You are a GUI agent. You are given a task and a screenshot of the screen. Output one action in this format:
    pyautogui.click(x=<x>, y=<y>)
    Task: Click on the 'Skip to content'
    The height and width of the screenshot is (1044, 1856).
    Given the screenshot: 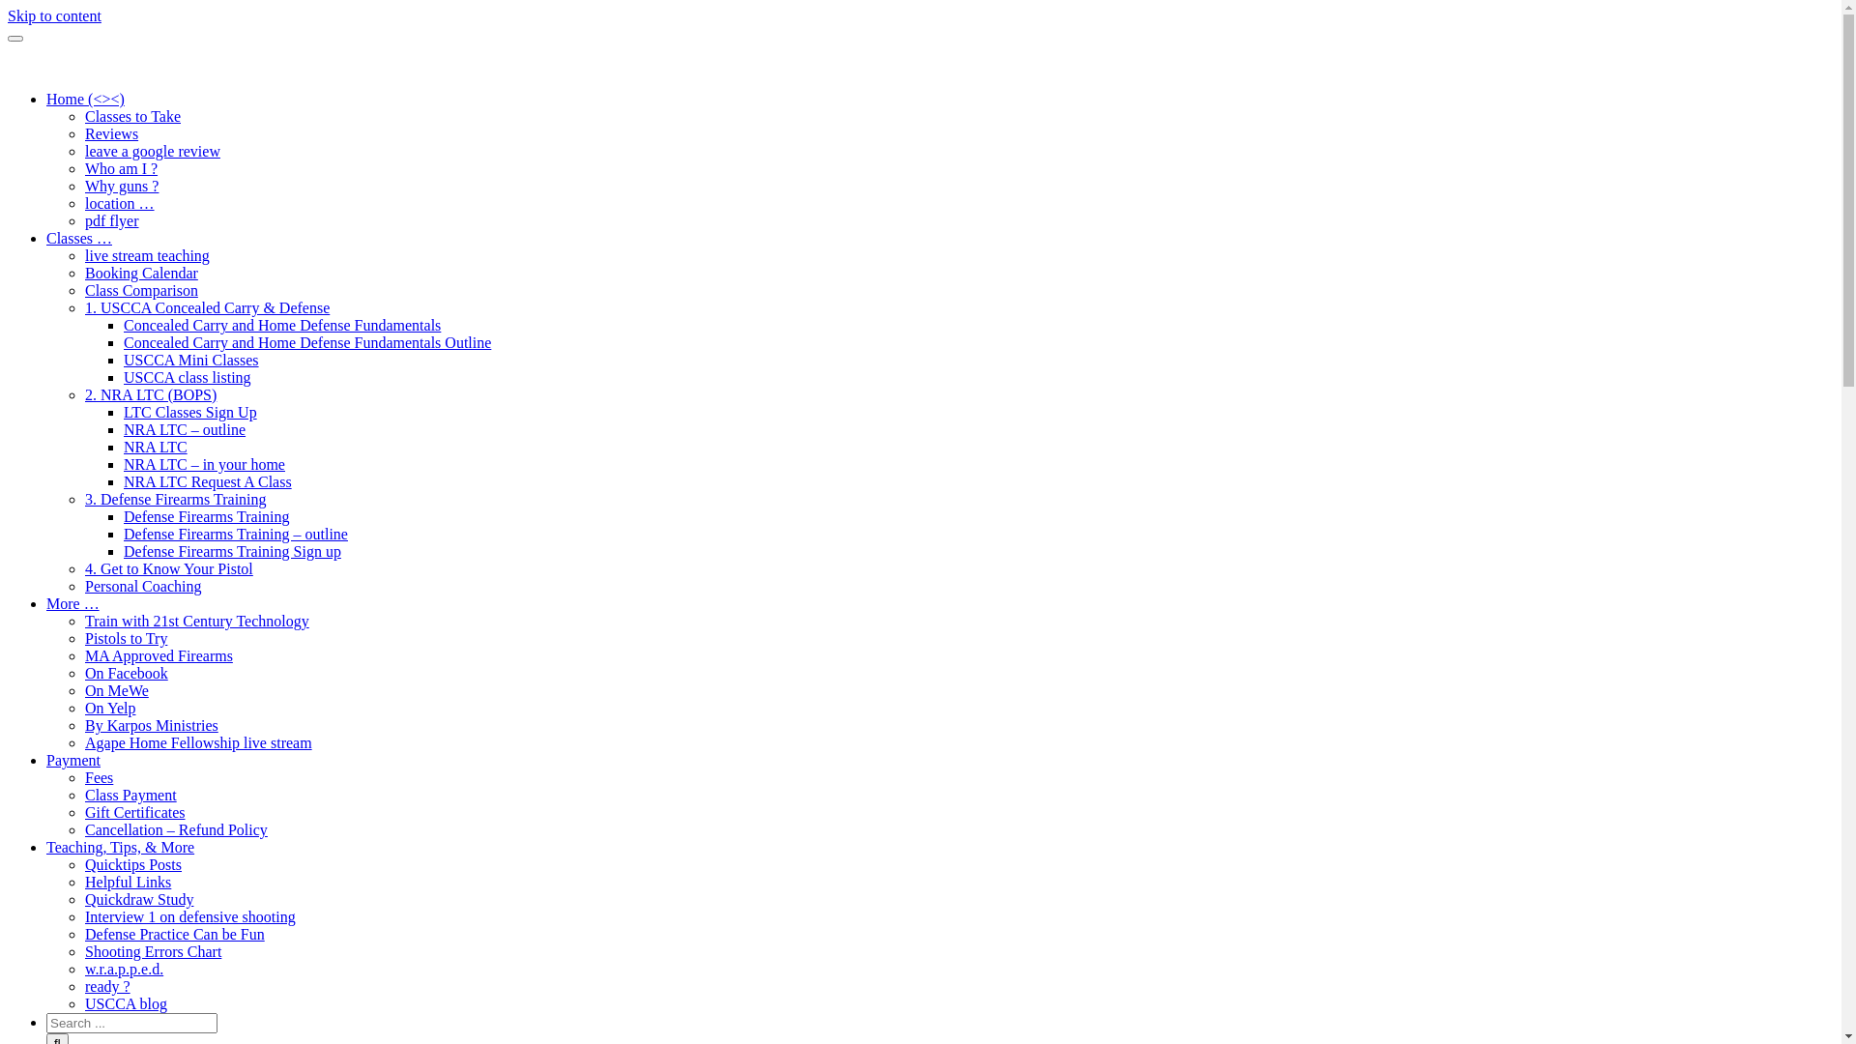 What is the action you would take?
    pyautogui.click(x=54, y=15)
    